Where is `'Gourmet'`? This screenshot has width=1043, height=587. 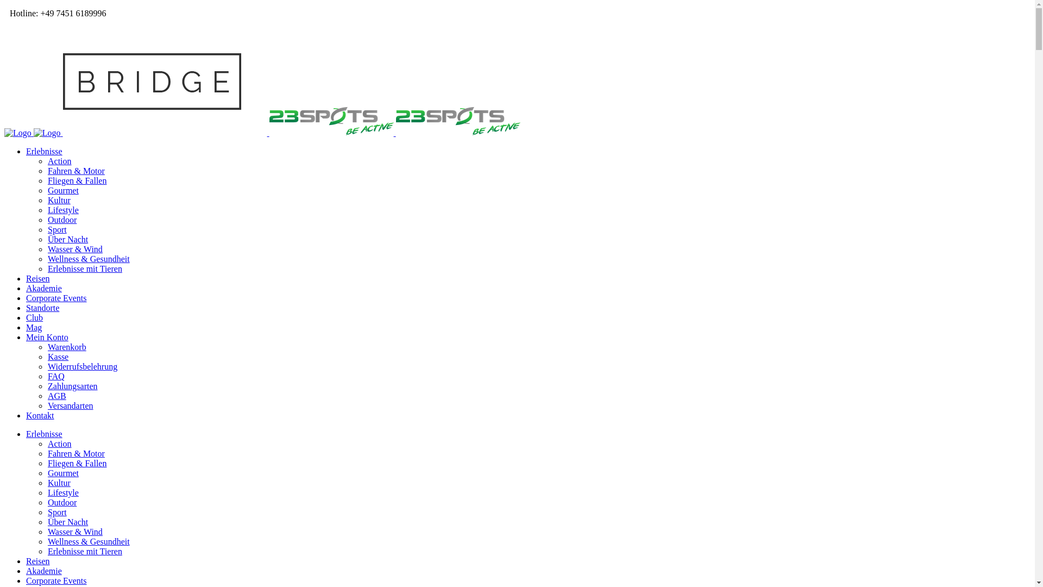
'Gourmet' is located at coordinates (62, 472).